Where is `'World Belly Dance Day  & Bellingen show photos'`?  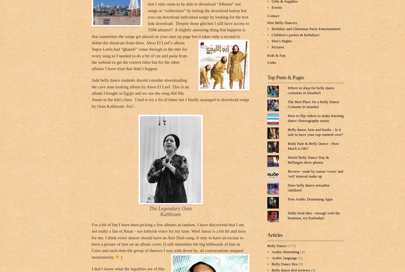
'World Belly Dance Day  & Bellingen show photos' is located at coordinates (288, 159).